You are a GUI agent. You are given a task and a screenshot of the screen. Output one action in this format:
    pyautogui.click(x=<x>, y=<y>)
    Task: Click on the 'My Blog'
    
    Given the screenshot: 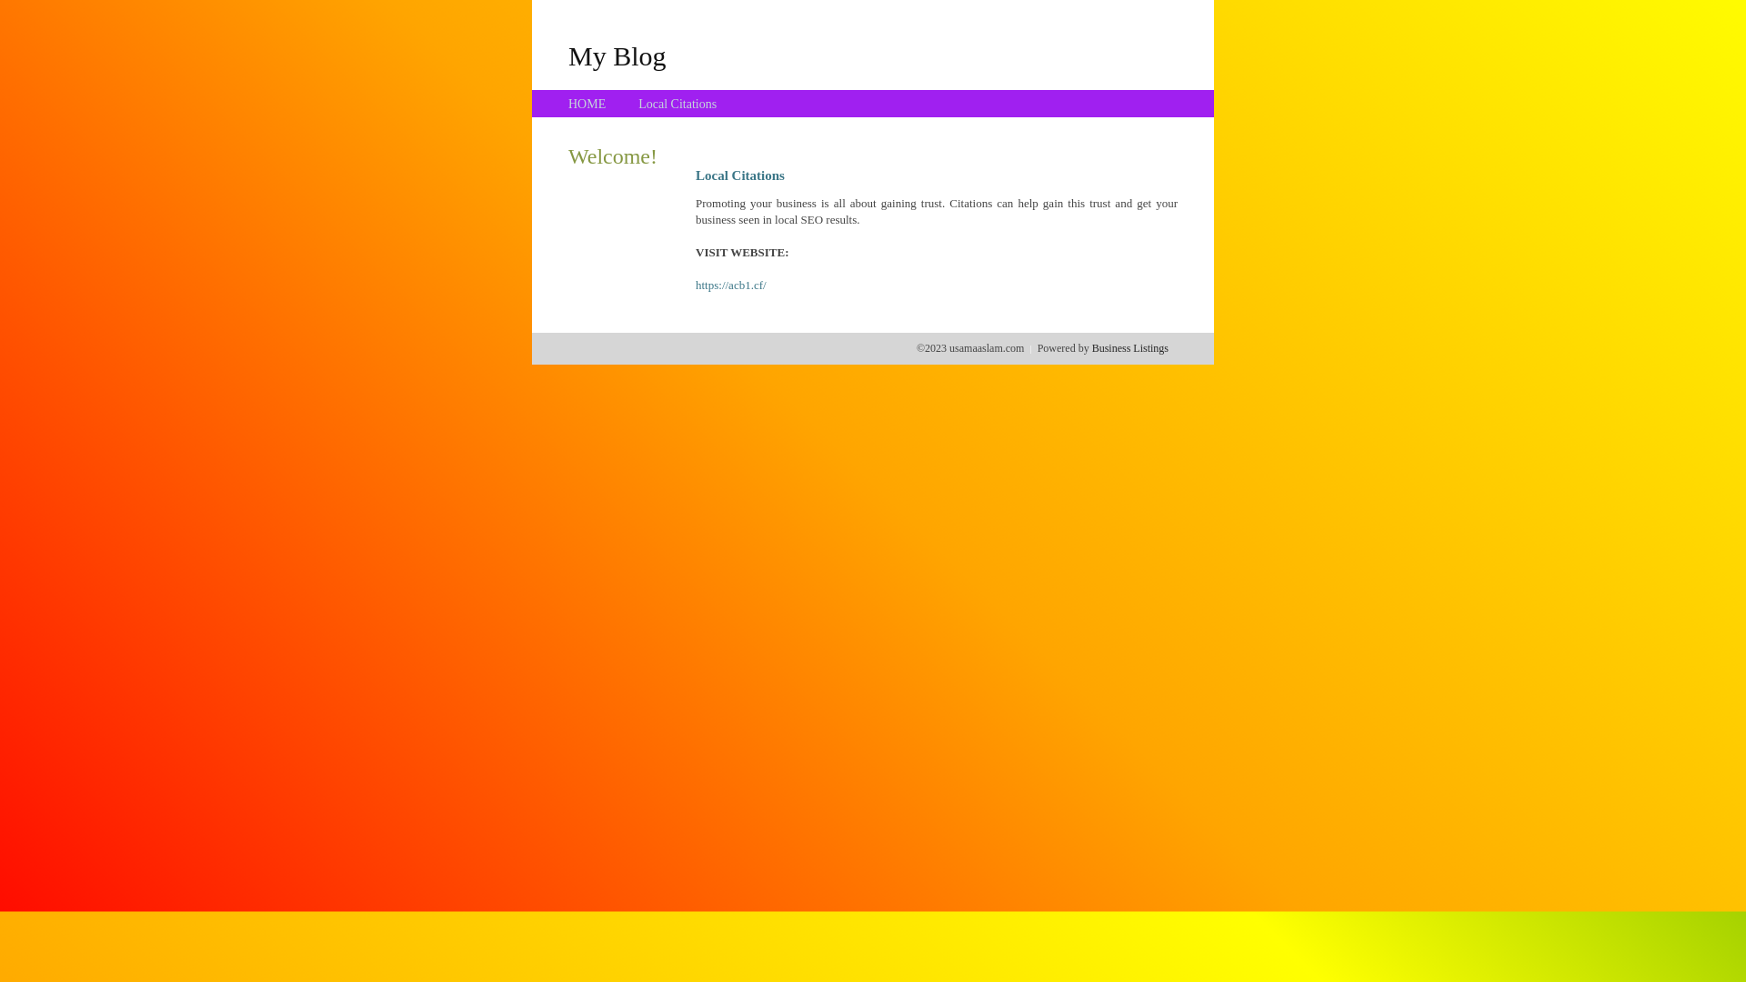 What is the action you would take?
    pyautogui.click(x=617, y=55)
    